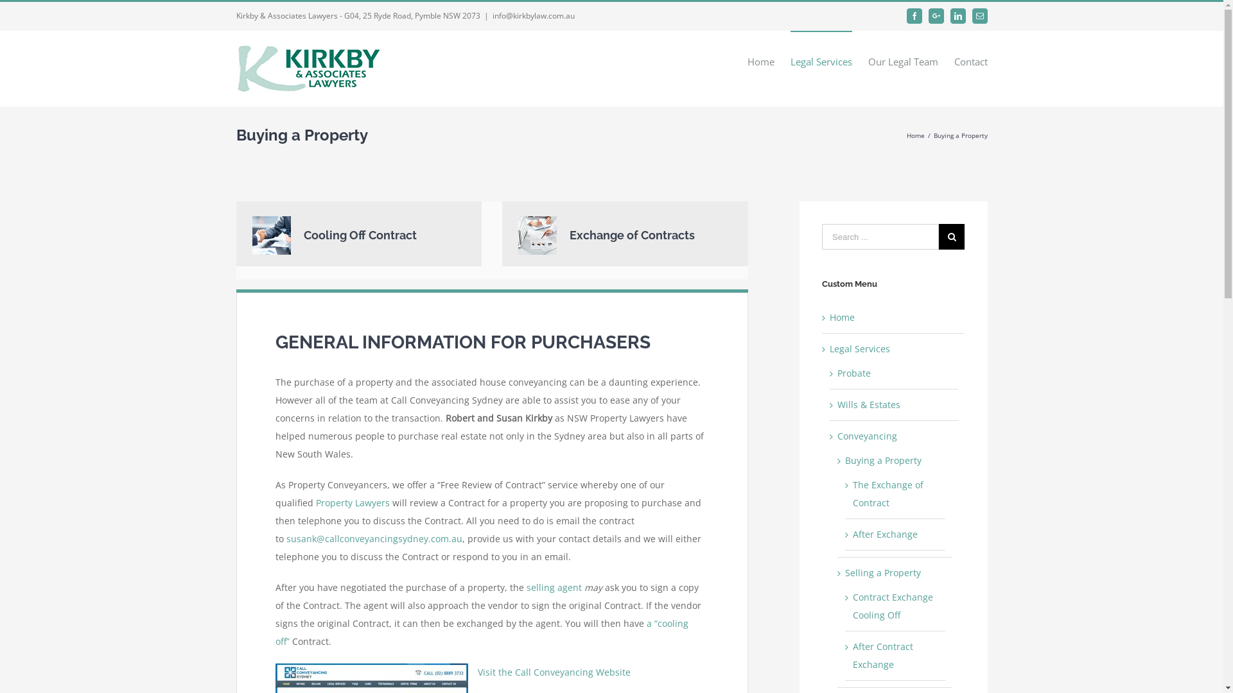 The image size is (1233, 693). What do you see at coordinates (882, 655) in the screenshot?
I see `'After Contract Exchange'` at bounding box center [882, 655].